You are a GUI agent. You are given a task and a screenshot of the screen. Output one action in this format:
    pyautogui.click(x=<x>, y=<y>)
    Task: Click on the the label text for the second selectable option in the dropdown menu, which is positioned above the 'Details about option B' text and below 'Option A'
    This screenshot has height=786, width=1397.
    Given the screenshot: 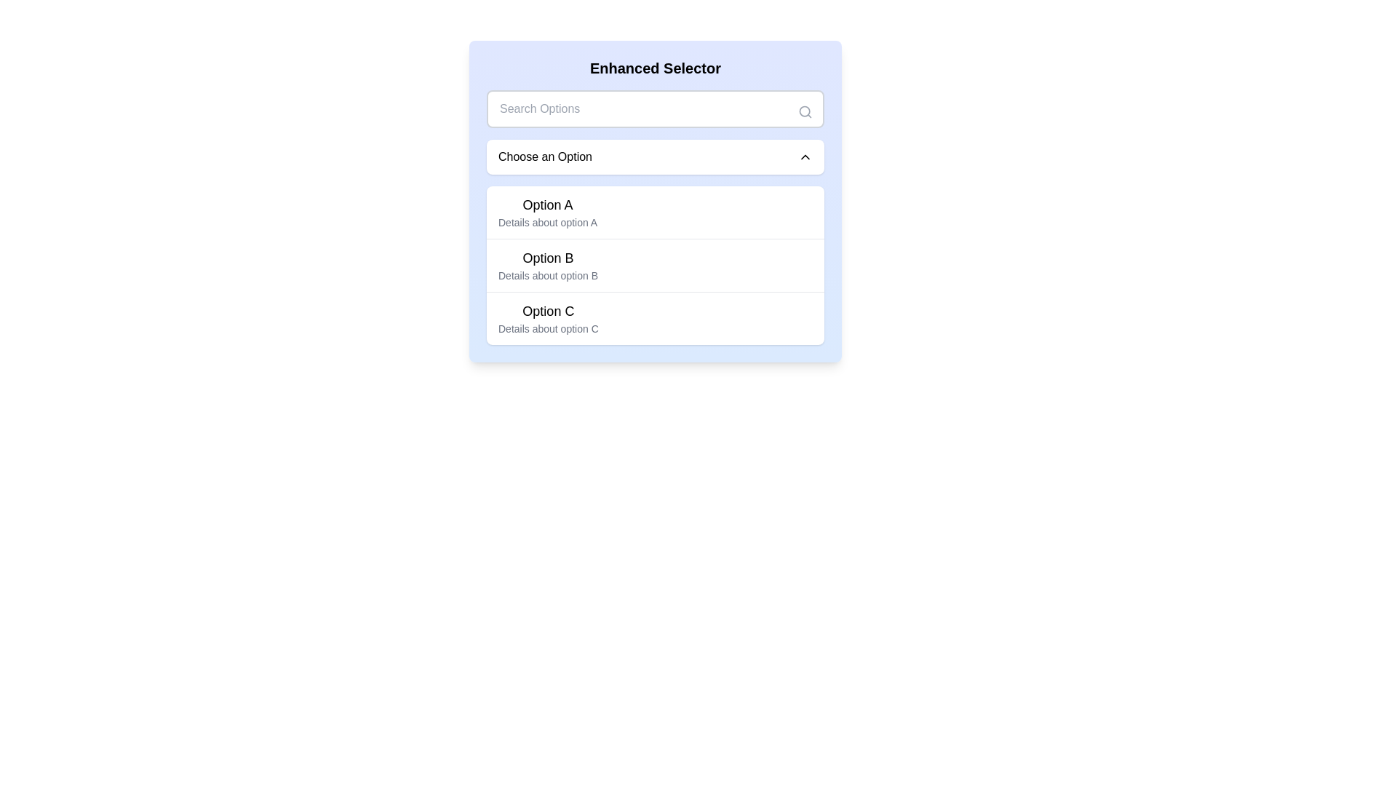 What is the action you would take?
    pyautogui.click(x=547, y=257)
    